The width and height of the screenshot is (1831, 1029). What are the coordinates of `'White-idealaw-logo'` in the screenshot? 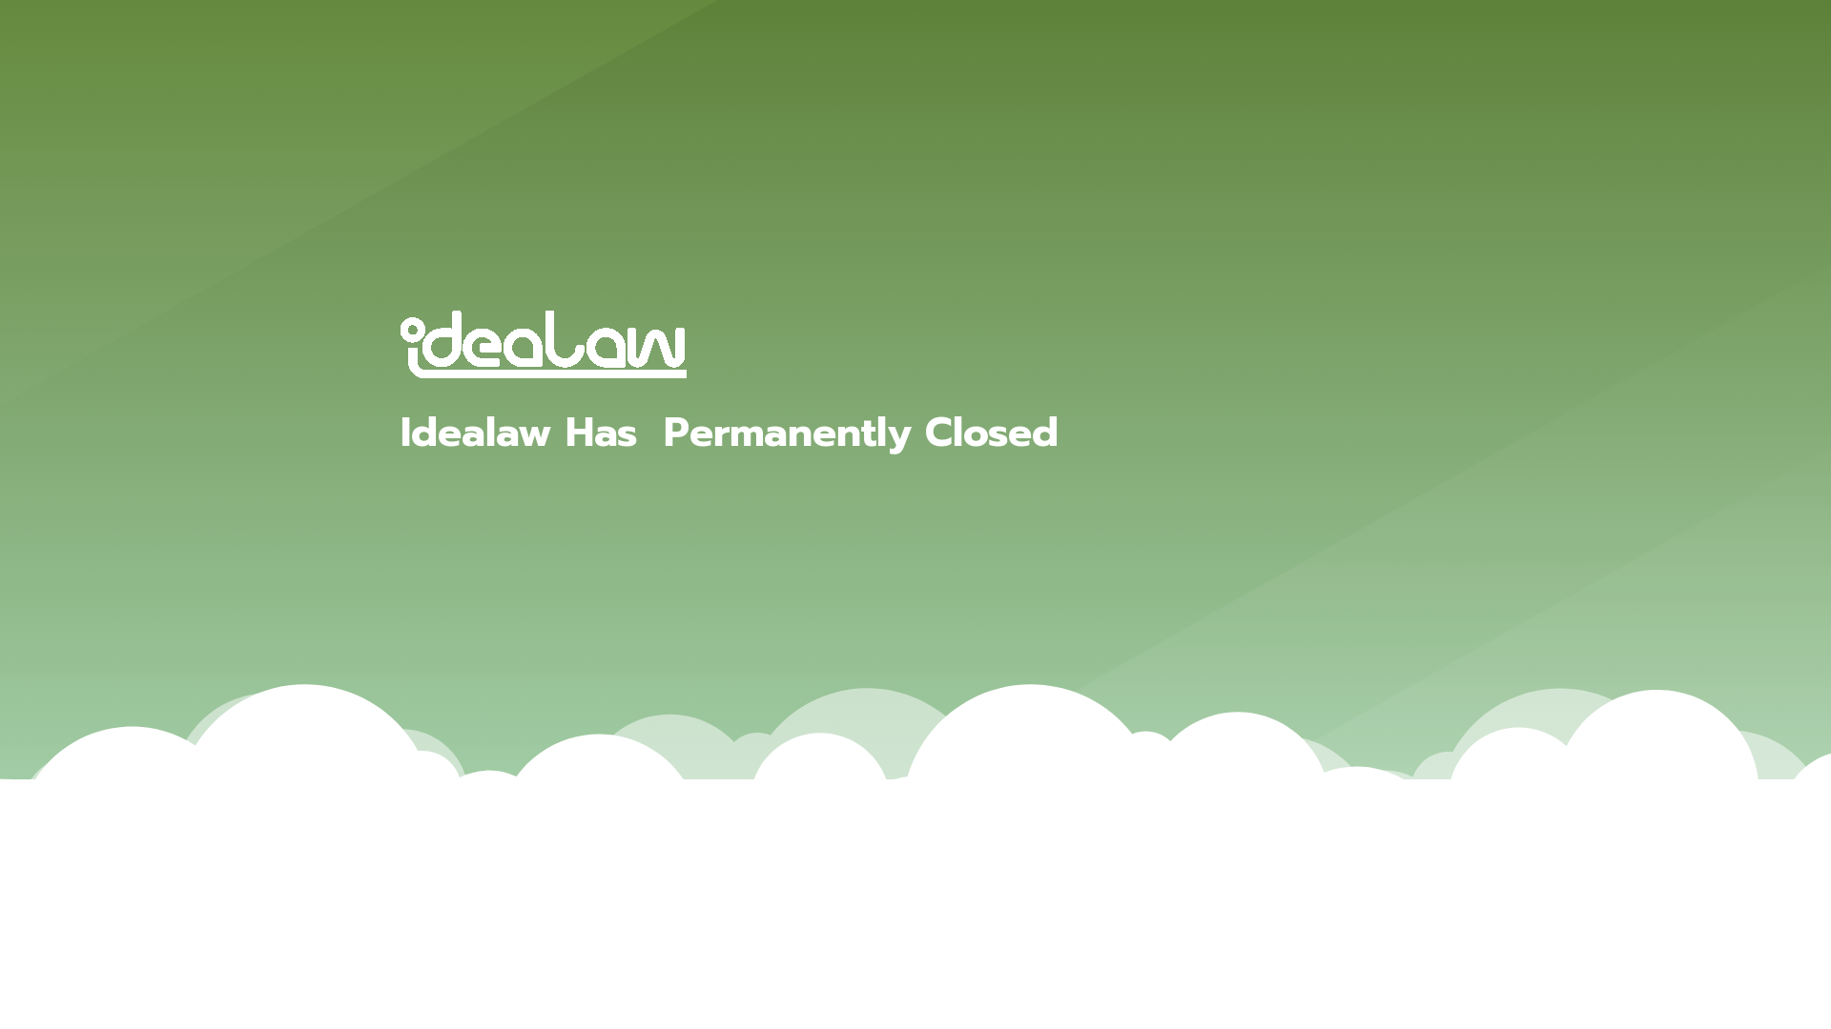 It's located at (543, 344).